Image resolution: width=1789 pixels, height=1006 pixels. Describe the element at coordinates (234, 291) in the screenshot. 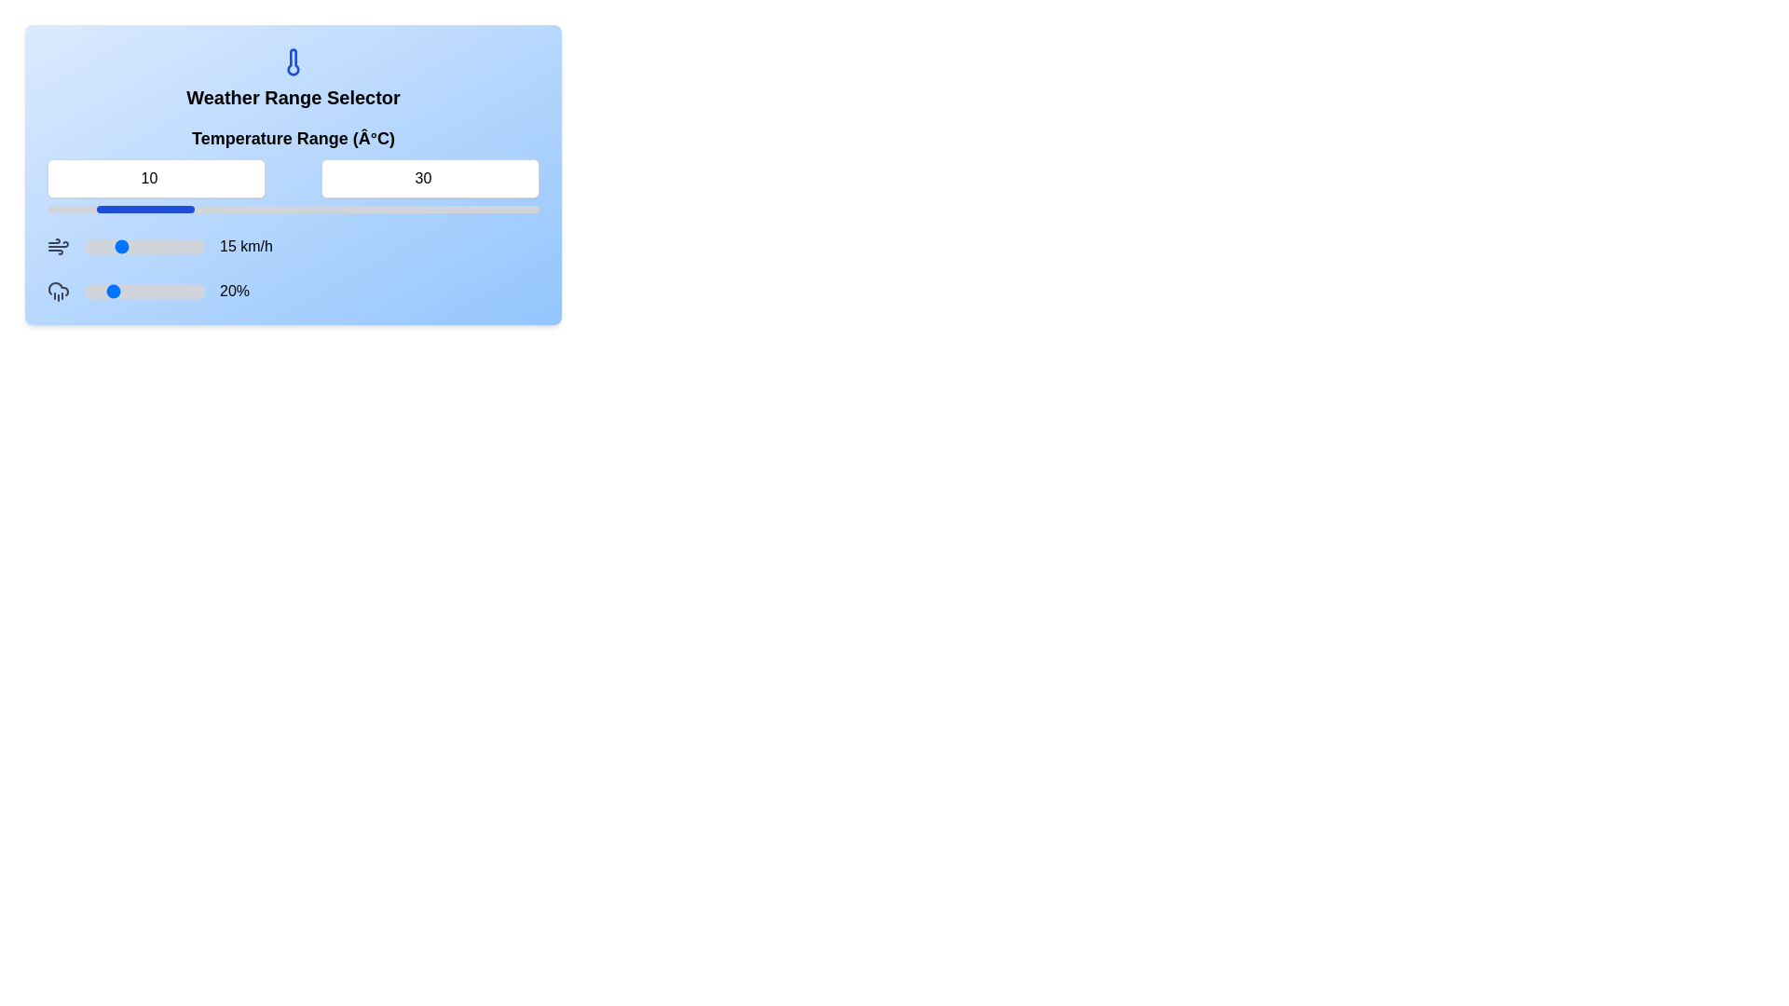

I see `the Text Label displaying '20%' in bold black font on a light blue background, located at the far-right side next to a horizontal slider in the weather settings section` at that location.